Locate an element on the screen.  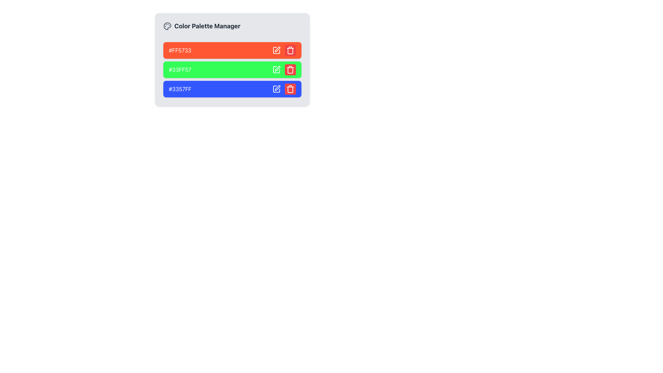
the edit button icon resembling a pencil on a green background, located to the right of the color block labeled '#33FF57' is located at coordinates (277, 69).